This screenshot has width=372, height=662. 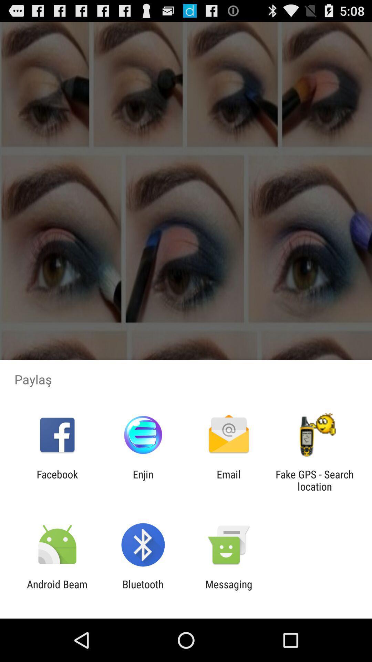 What do you see at coordinates (57, 480) in the screenshot?
I see `facebook icon` at bounding box center [57, 480].